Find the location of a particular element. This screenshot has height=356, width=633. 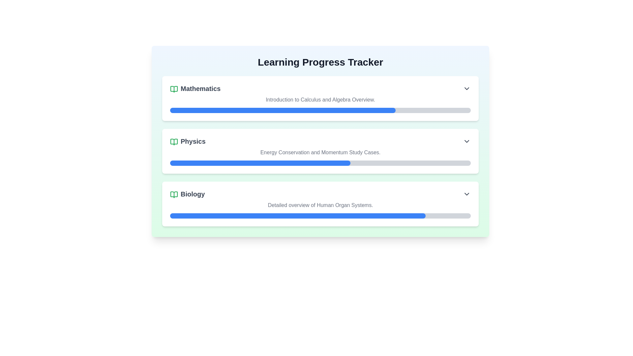

the downward-pointing chevron icon in the header section labeled 'Physics' is located at coordinates (467, 141).